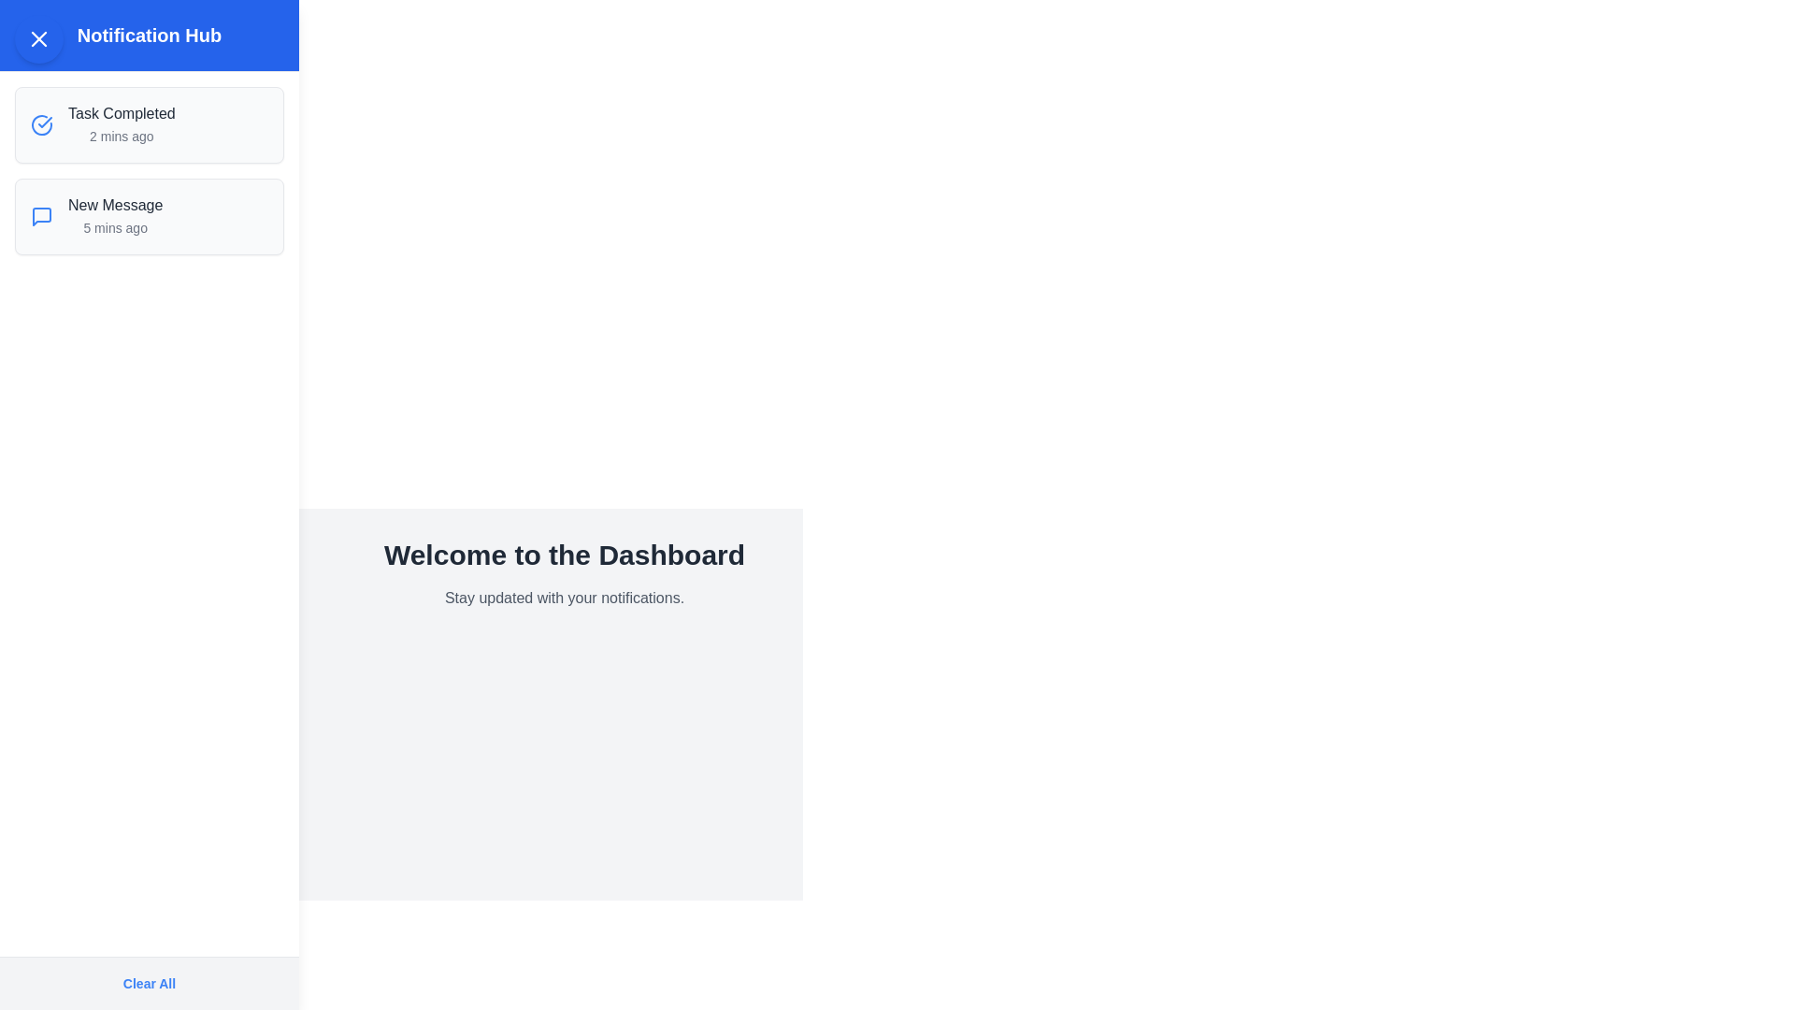  Describe the element at coordinates (564, 599) in the screenshot. I see `the informational text label located below the 'Welcome to the Dashboard' headline, which serves to keep the user informed about notifications` at that location.